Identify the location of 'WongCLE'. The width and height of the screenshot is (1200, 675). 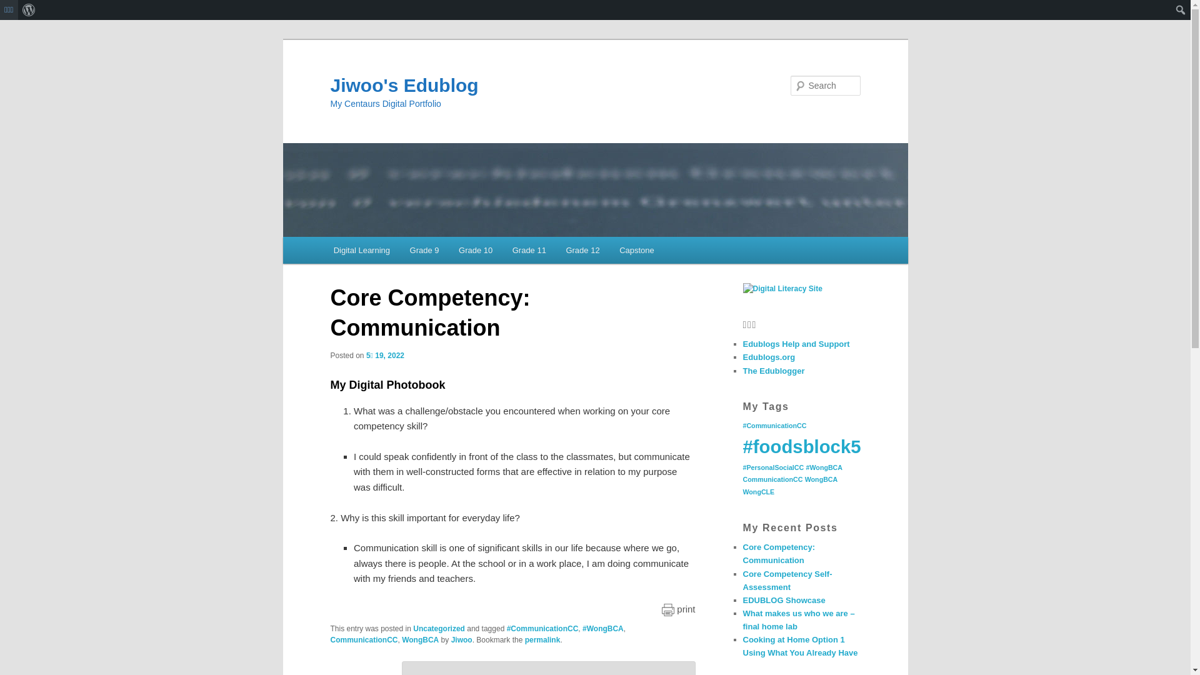
(757, 491).